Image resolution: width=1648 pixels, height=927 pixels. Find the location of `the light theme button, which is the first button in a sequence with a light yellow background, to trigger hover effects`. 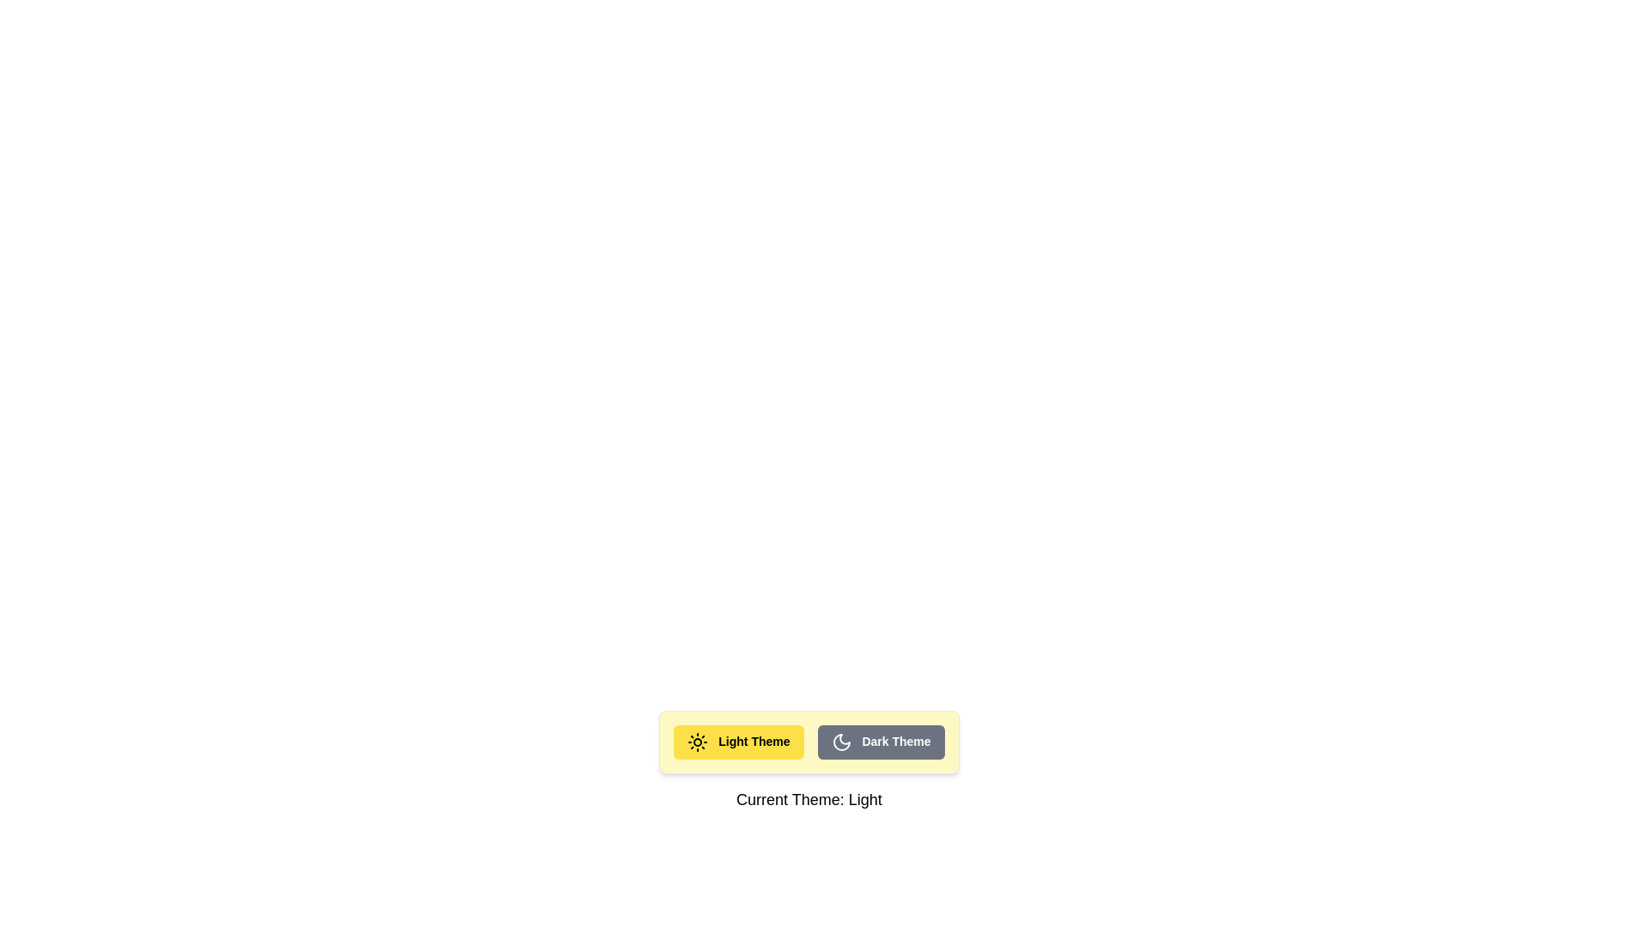

the light theme button, which is the first button in a sequence with a light yellow background, to trigger hover effects is located at coordinates (738, 741).